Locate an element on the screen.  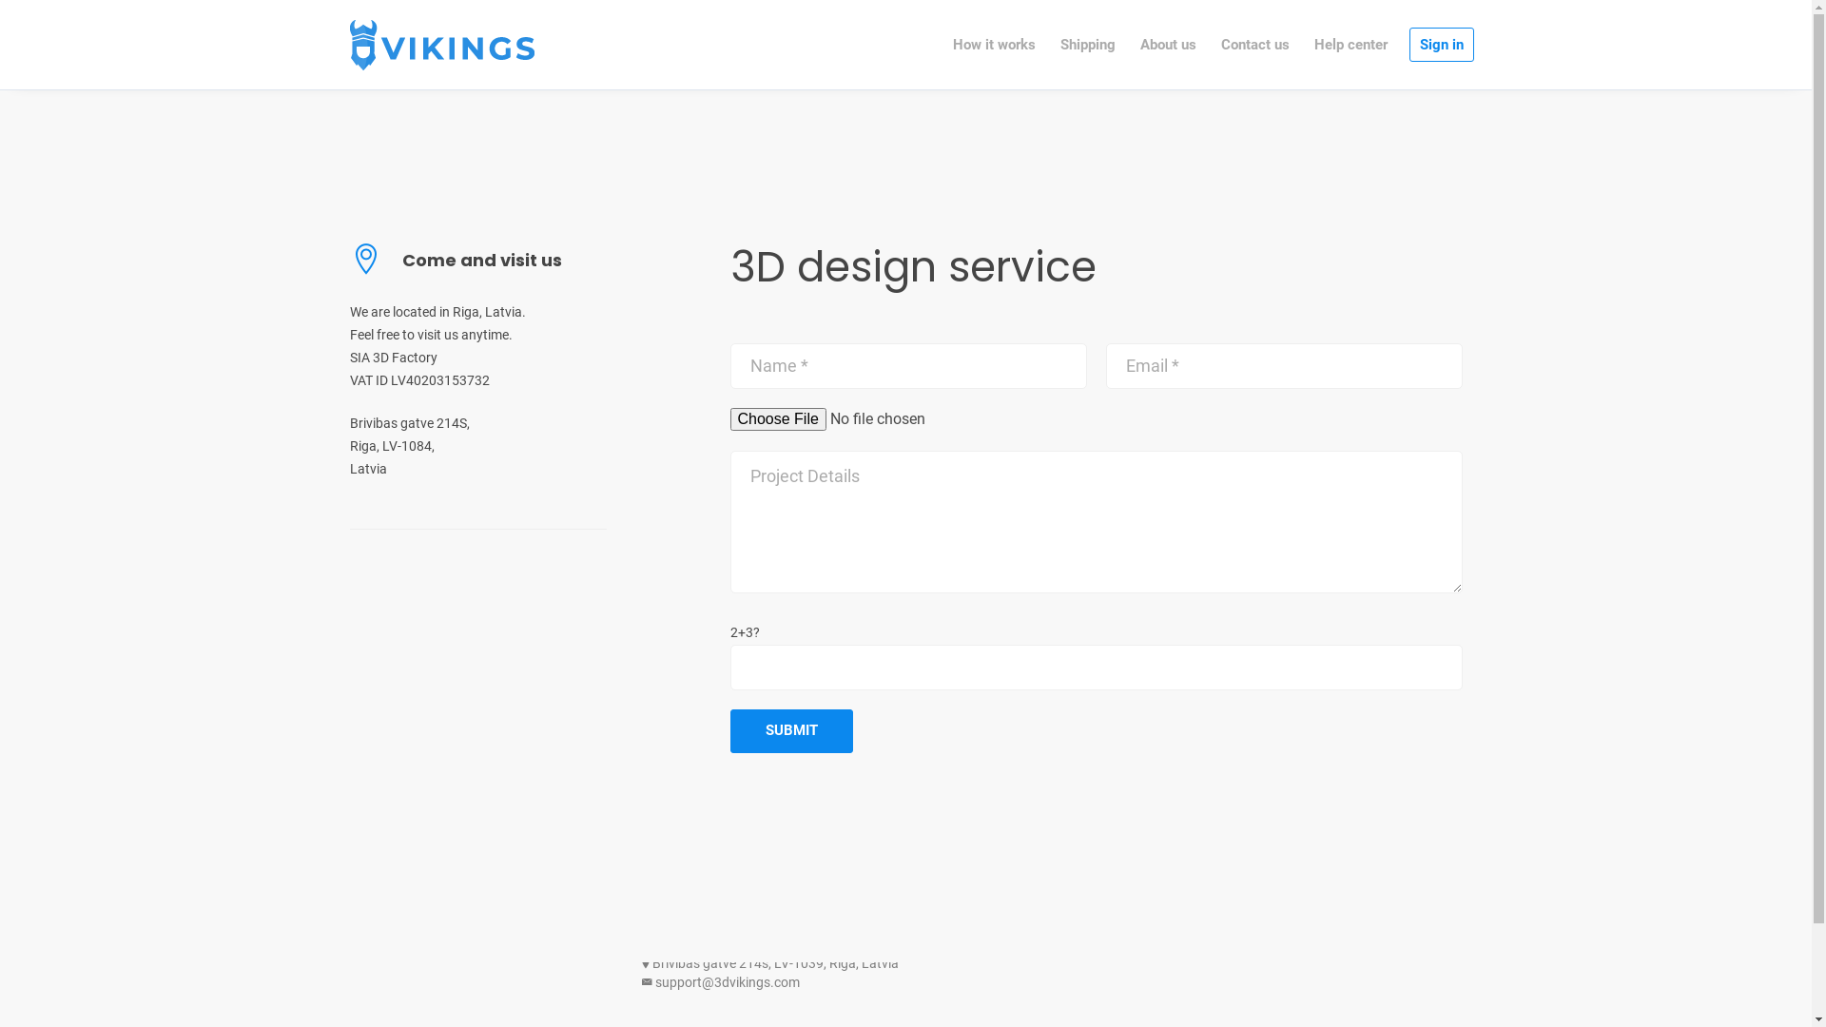
'Sign in' is located at coordinates (1442, 43).